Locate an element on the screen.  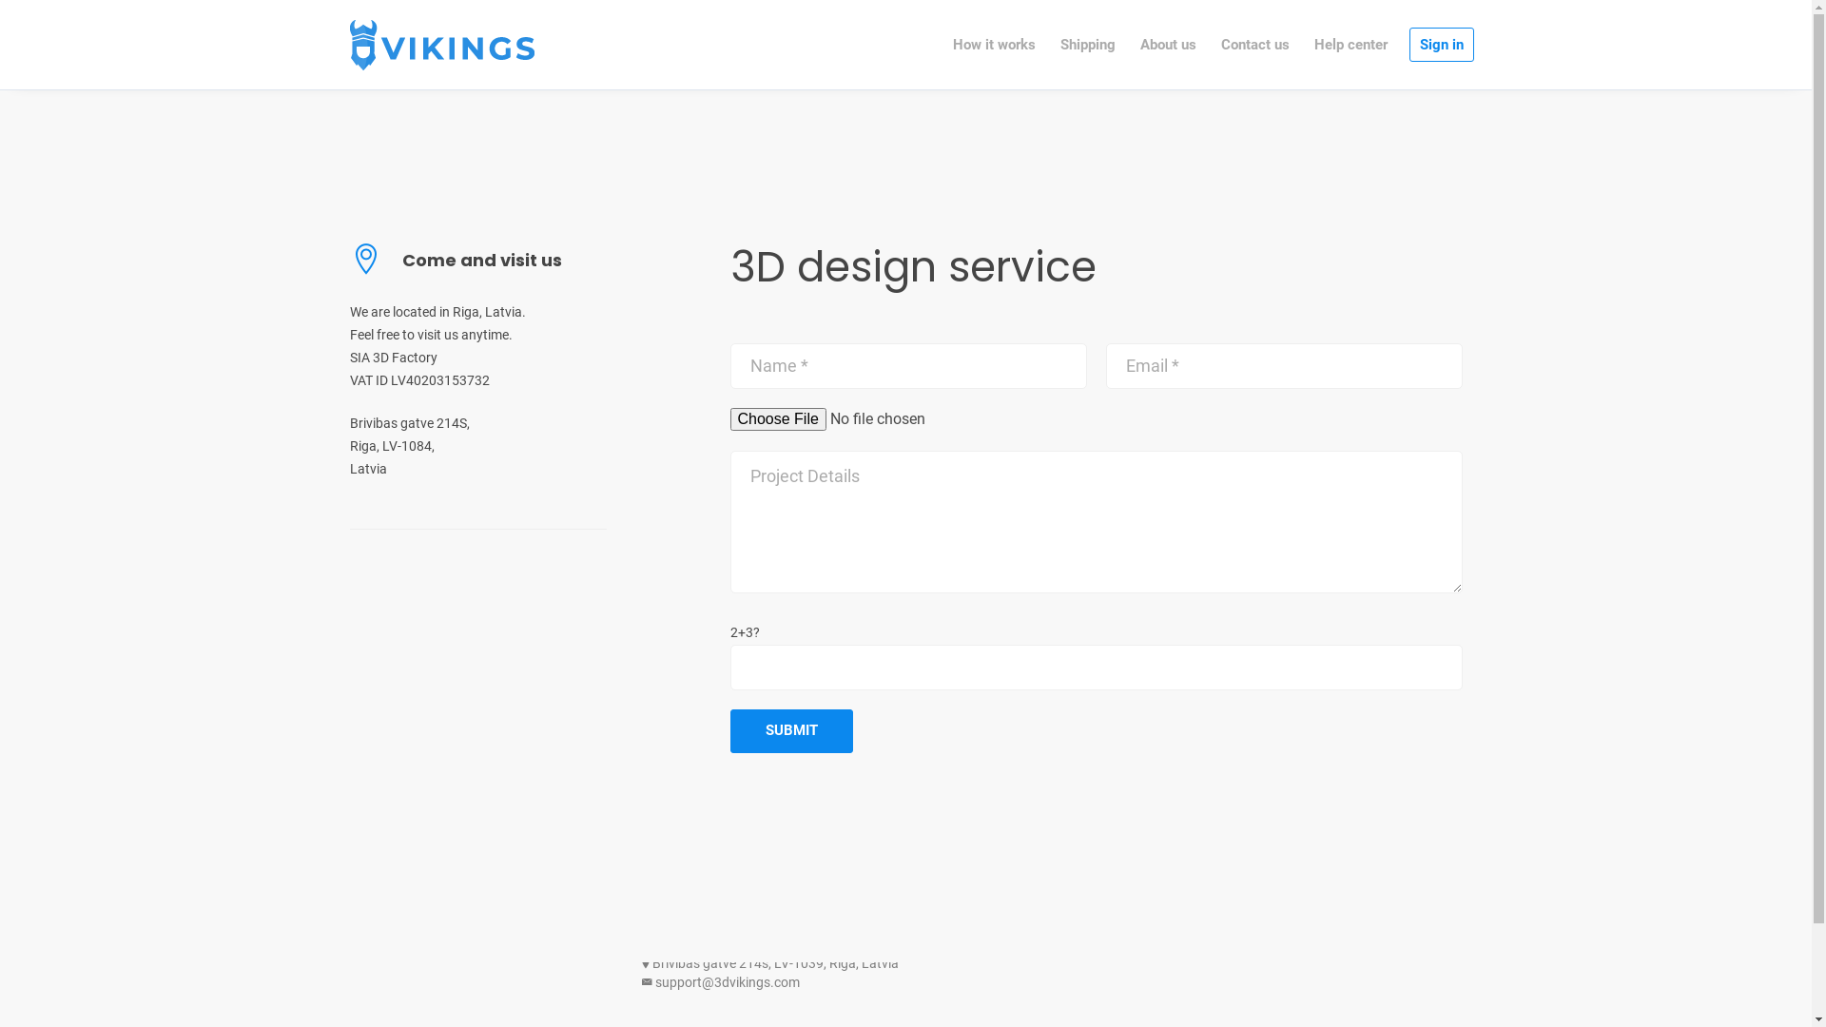
'Sign in' is located at coordinates (1442, 43).